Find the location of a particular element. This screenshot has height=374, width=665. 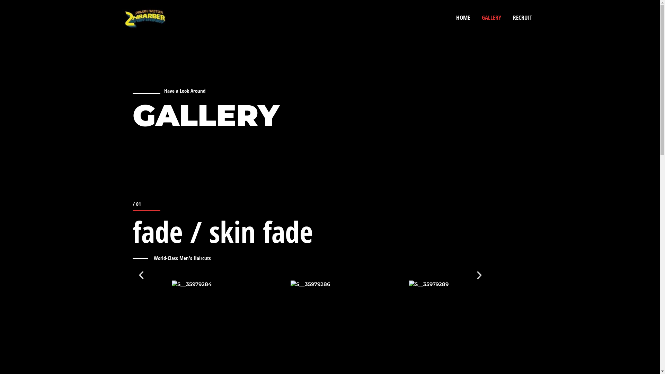

'GALLERY' is located at coordinates (491, 17).